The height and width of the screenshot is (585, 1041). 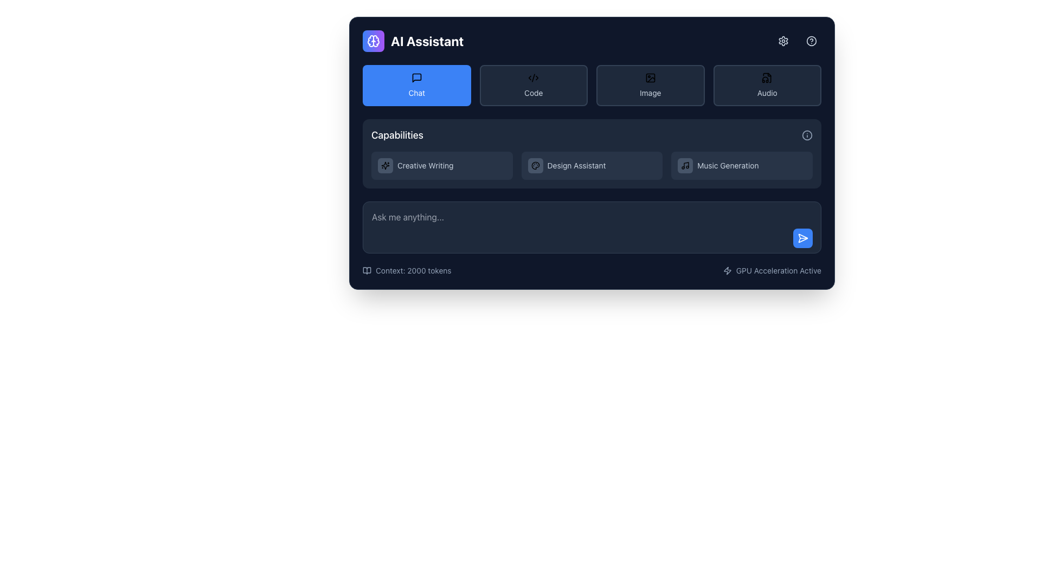 What do you see at coordinates (534, 93) in the screenshot?
I see `descriptive text label that provides context about the coding functionality represented by the button located at the top-center of the interface, specifically the text 'Code'` at bounding box center [534, 93].